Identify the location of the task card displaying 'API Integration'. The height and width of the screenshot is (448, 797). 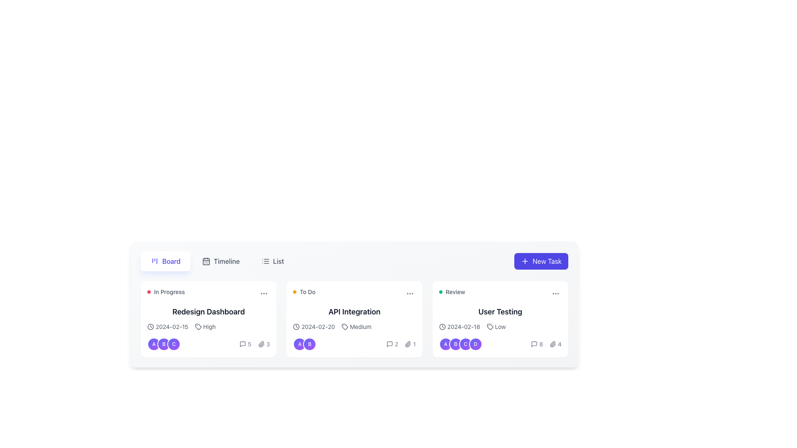
(354, 319).